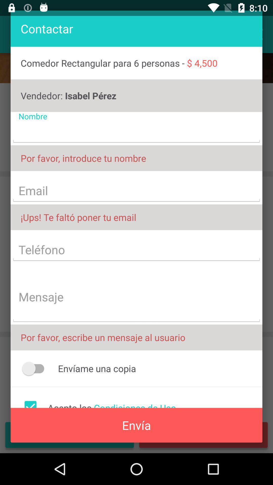  I want to click on text field with text email on page, so click(136, 191).